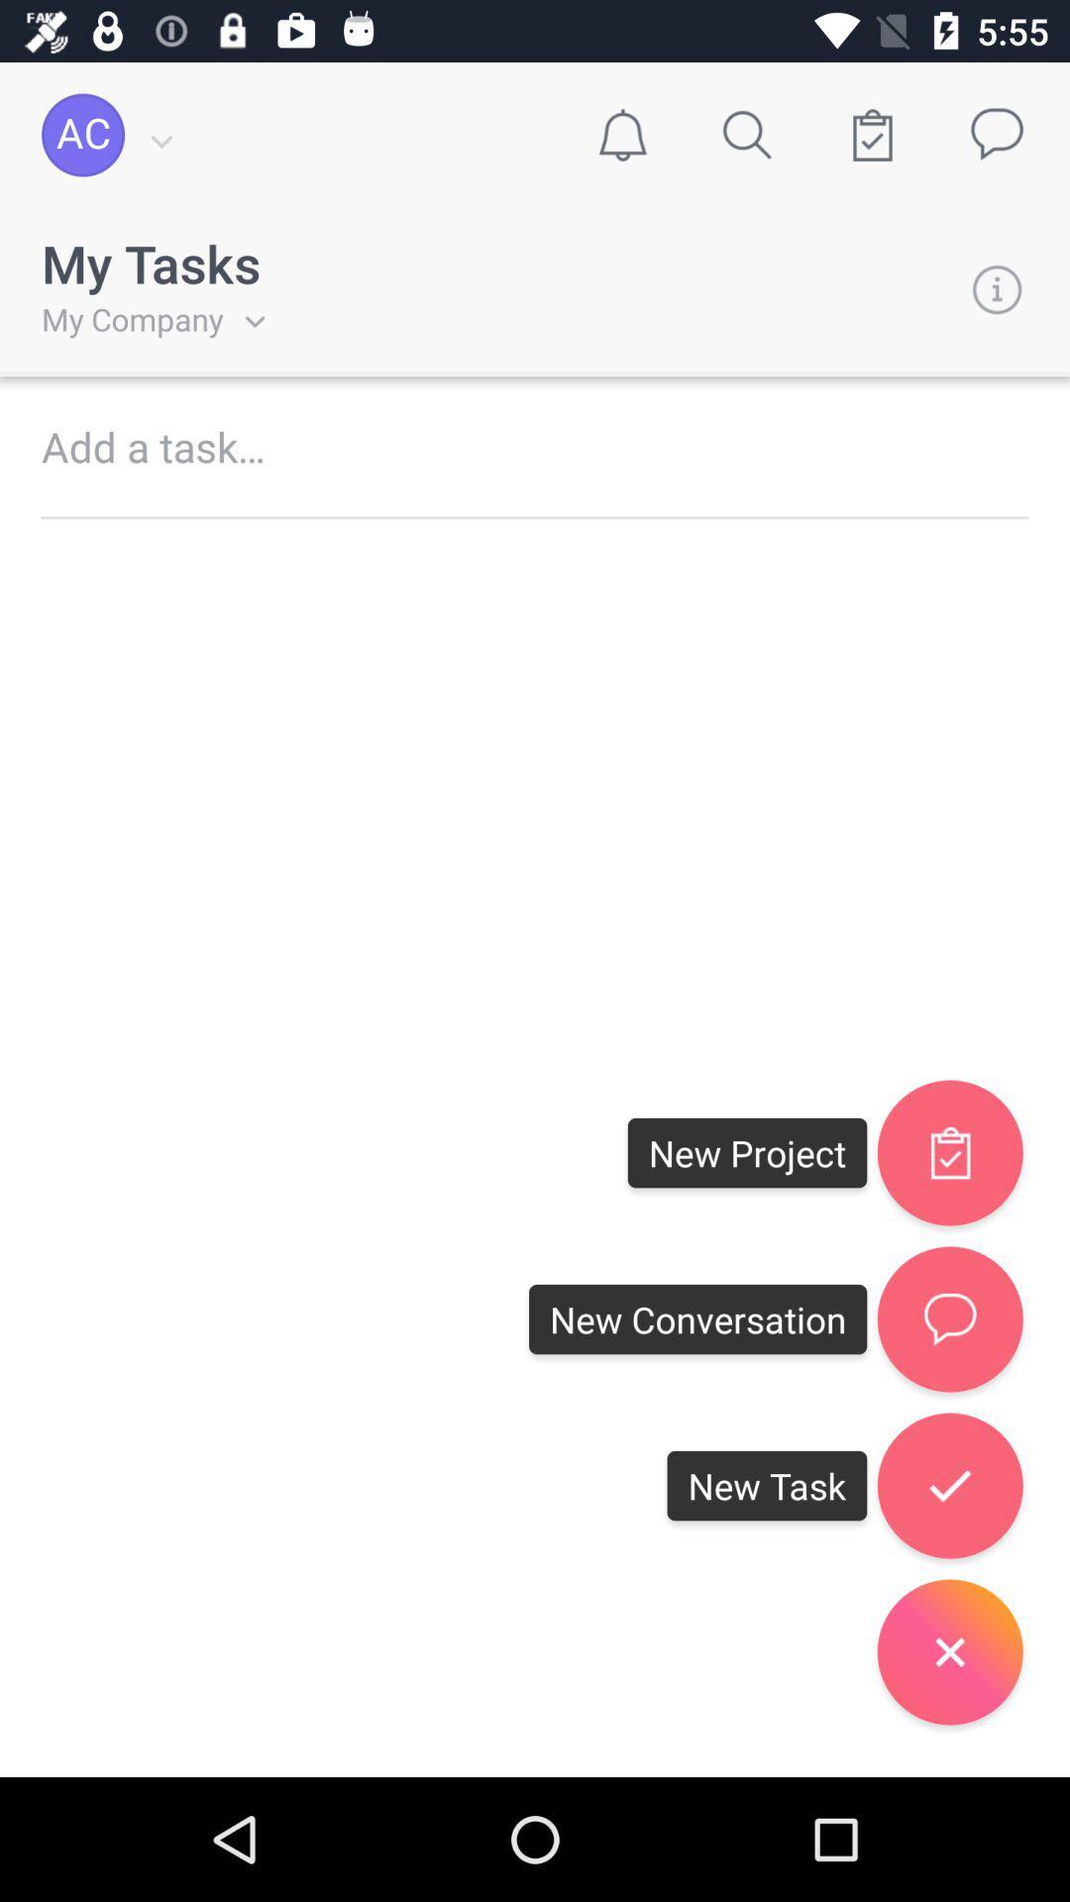 The width and height of the screenshot is (1070, 1902). What do you see at coordinates (748, 135) in the screenshot?
I see `search icon` at bounding box center [748, 135].